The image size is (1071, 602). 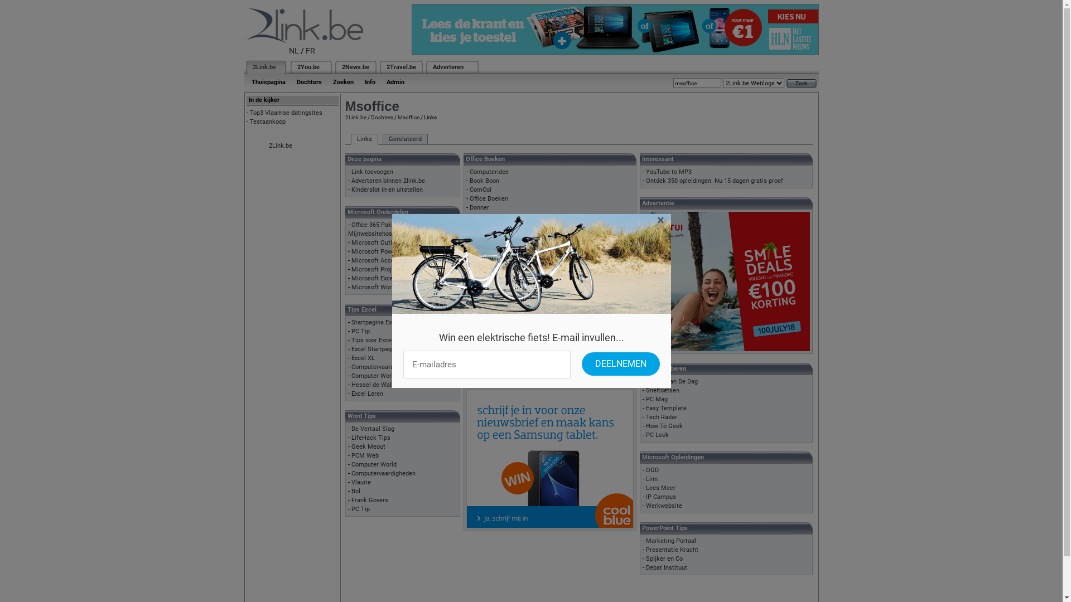 What do you see at coordinates (363, 358) in the screenshot?
I see `'Excel XL'` at bounding box center [363, 358].